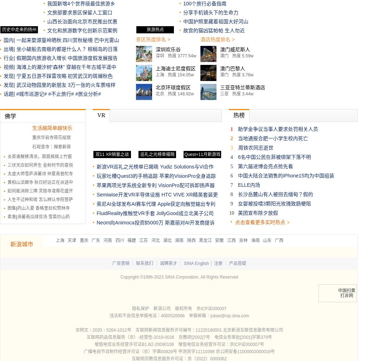  What do you see at coordinates (229, 315) in the screenshot?
I see `'jubao@vip.sina.com'` at bounding box center [229, 315].